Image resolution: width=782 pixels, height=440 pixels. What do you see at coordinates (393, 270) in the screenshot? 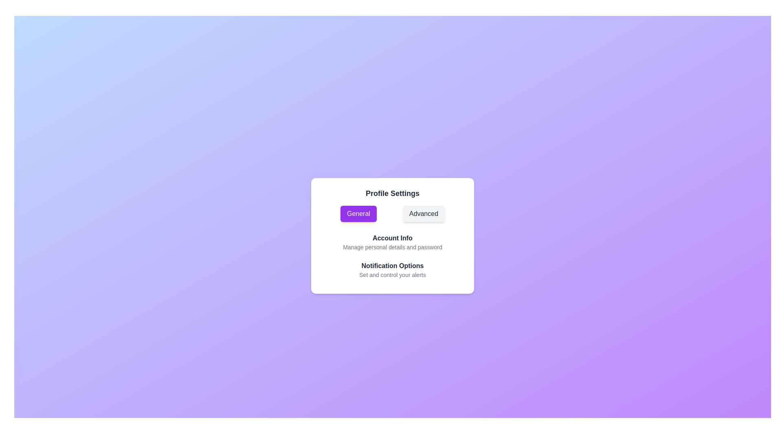
I see `the Notification Options to observe the hover effect` at bounding box center [393, 270].